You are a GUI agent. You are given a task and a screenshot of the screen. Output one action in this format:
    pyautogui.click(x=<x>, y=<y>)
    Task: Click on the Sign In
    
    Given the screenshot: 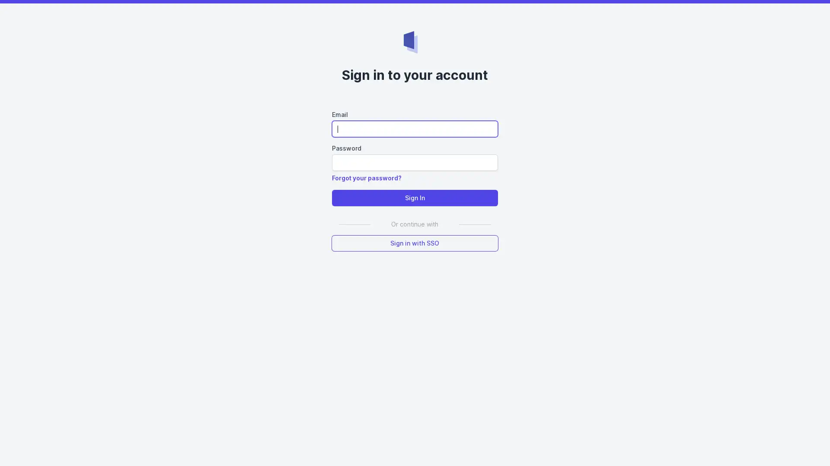 What is the action you would take?
    pyautogui.click(x=414, y=198)
    